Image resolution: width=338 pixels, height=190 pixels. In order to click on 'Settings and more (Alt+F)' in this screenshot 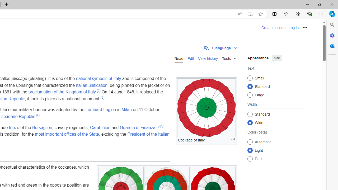, I will do `click(321, 13)`.